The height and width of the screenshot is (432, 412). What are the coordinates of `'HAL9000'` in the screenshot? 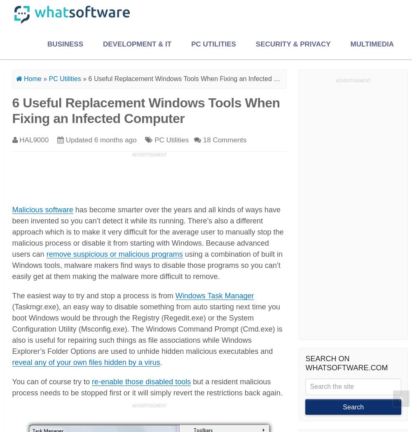 It's located at (33, 139).